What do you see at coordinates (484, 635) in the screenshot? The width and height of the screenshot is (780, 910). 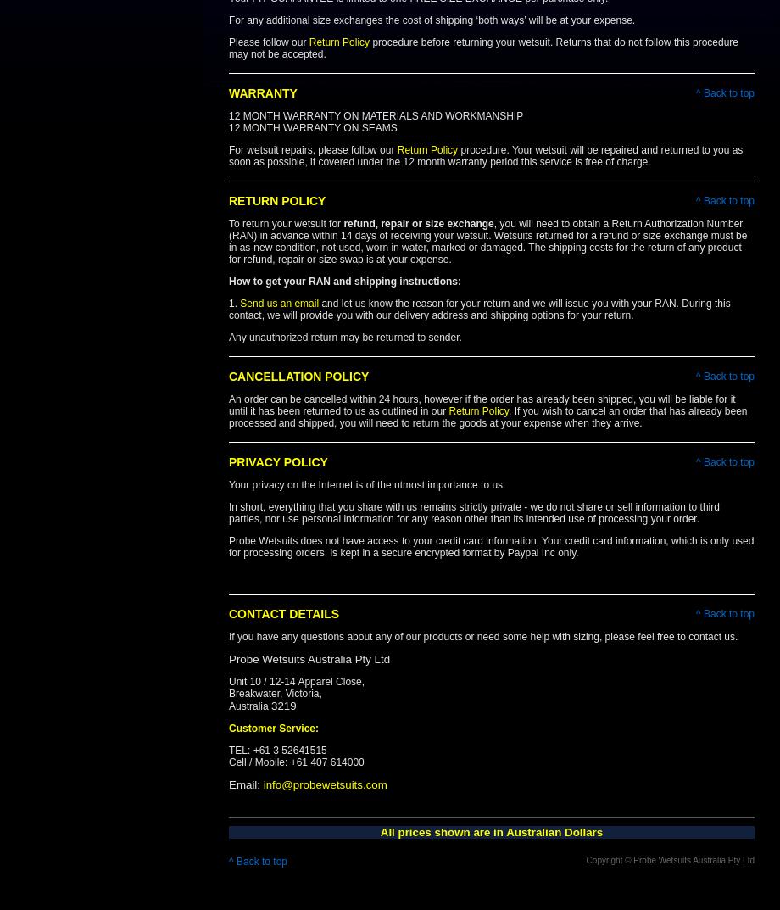 I see `'If you have any questions about any of our products or need some help with sizing, please feel free to contact us.'` at bounding box center [484, 635].